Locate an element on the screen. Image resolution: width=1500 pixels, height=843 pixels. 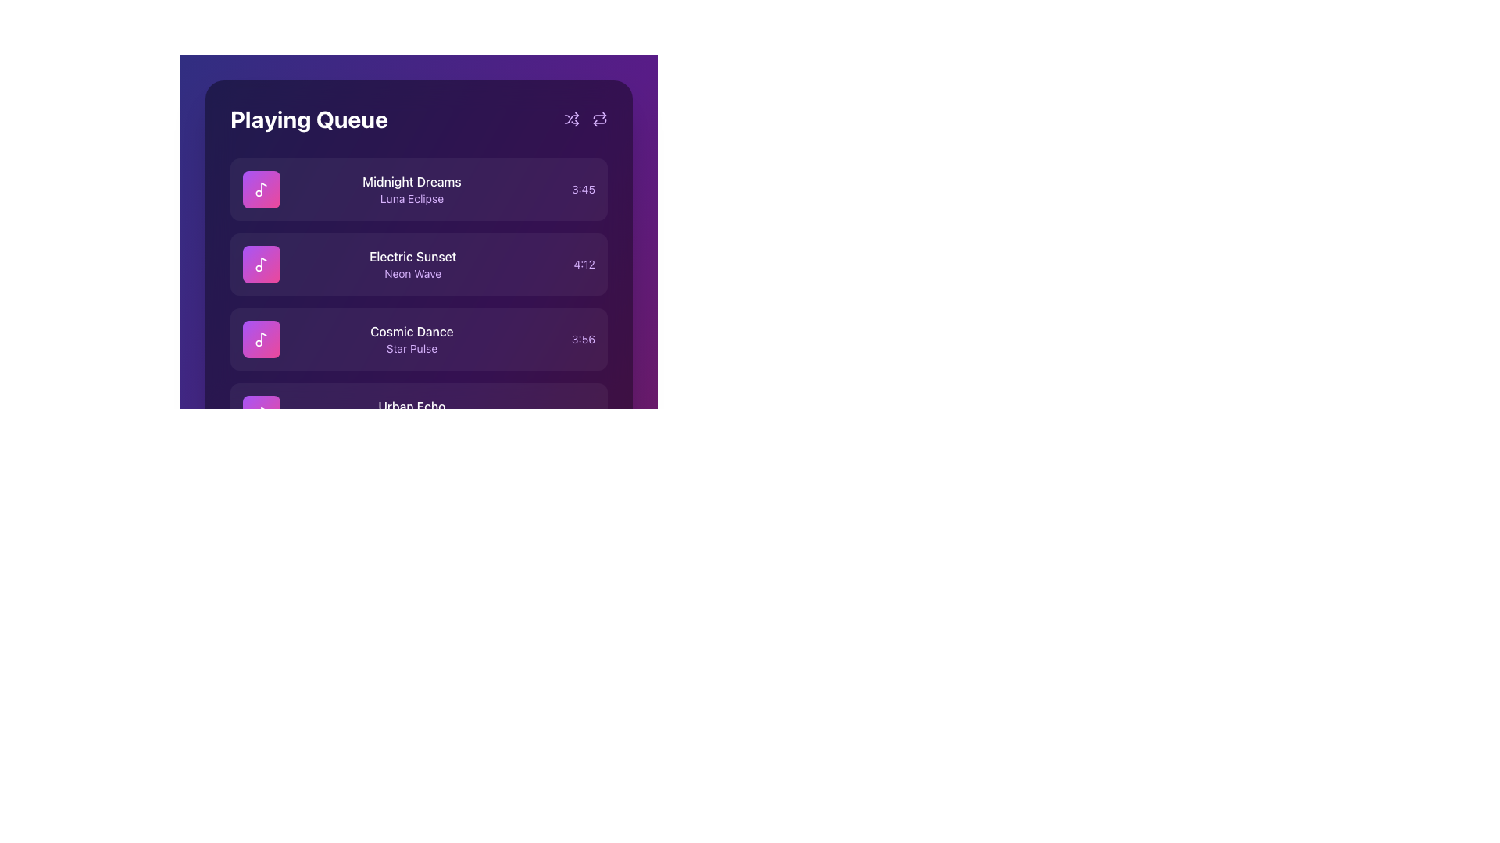
the icon representing the song 'Midnight Dreams' by 'Luna Eclipse' in the Playing Queue list is located at coordinates (262, 189).